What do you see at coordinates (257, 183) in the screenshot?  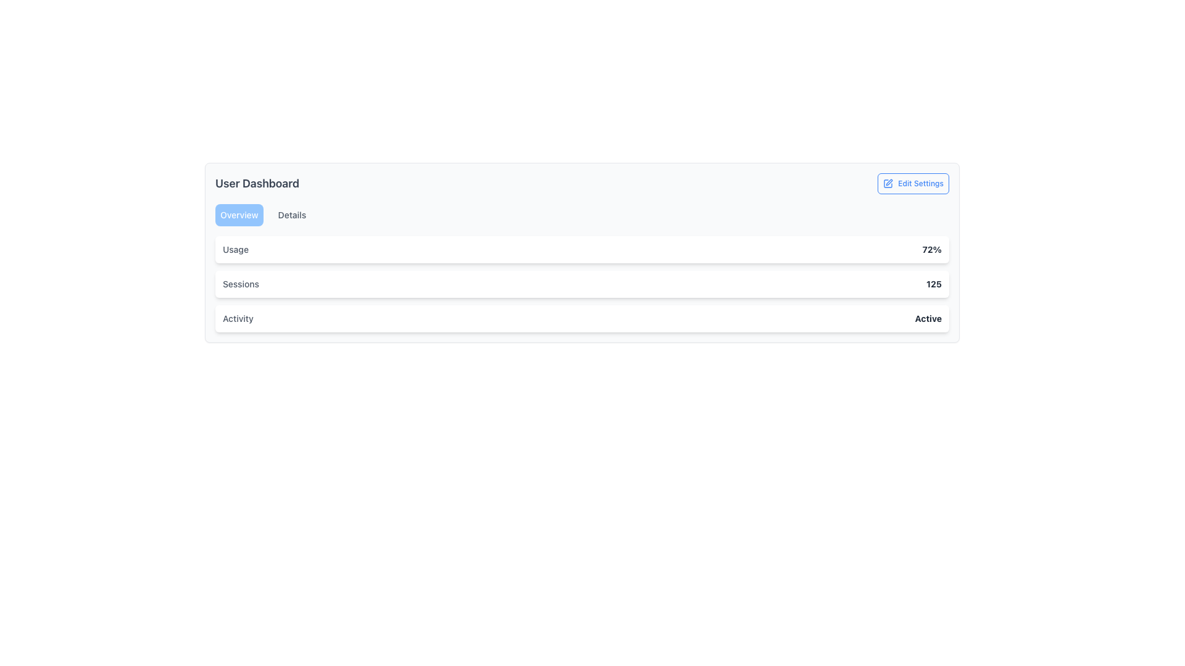 I see `the 'User Dashboard' text label, which is prominently displayed in a bold and larger font size in dark gray, serving as the heading of a section` at bounding box center [257, 183].